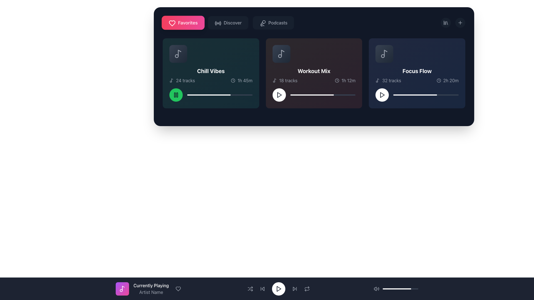  What do you see at coordinates (397, 289) in the screenshot?
I see `the white-colored progress bar segment located at the bottom center of the interface, which is an inner segment of a progress bar within a dark gray background bar` at bounding box center [397, 289].